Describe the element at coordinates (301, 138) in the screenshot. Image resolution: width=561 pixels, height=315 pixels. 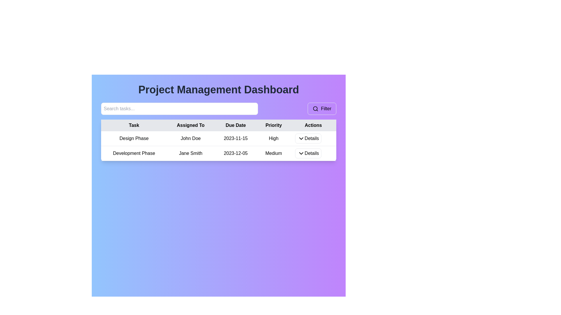
I see `the chevron icon located in the 'Actions' column, immediately to the left of the 'Details' label` at that location.